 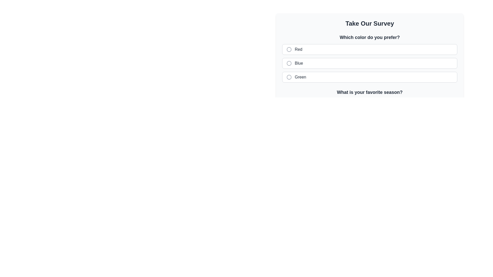 What do you see at coordinates (289, 63) in the screenshot?
I see `the decorative or functional icon located before the text 'Blue' in the horizontal list of selectable answers` at bounding box center [289, 63].